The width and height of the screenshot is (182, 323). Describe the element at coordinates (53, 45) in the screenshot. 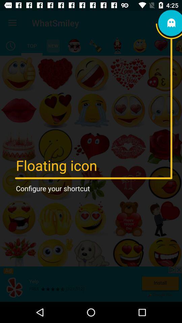

I see `see new emojis` at that location.